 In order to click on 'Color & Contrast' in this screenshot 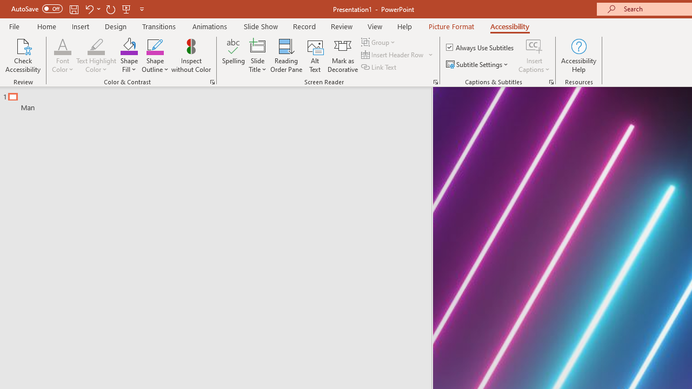, I will do `click(212, 81)`.